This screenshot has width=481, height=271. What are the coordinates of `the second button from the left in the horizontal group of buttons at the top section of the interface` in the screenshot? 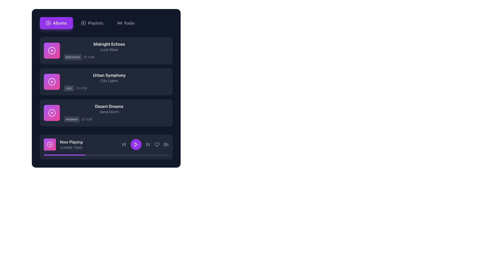 It's located at (92, 23).